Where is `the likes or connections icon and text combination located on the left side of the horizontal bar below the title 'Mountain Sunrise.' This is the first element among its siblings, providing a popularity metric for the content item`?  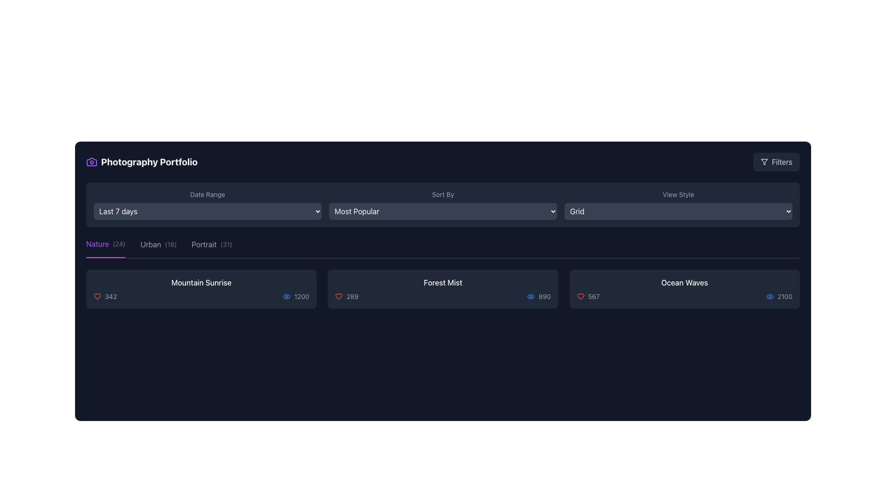 the likes or connections icon and text combination located on the left side of the horizontal bar below the title 'Mountain Sunrise.' This is the first element among its siblings, providing a popularity metric for the content item is located at coordinates (105, 296).